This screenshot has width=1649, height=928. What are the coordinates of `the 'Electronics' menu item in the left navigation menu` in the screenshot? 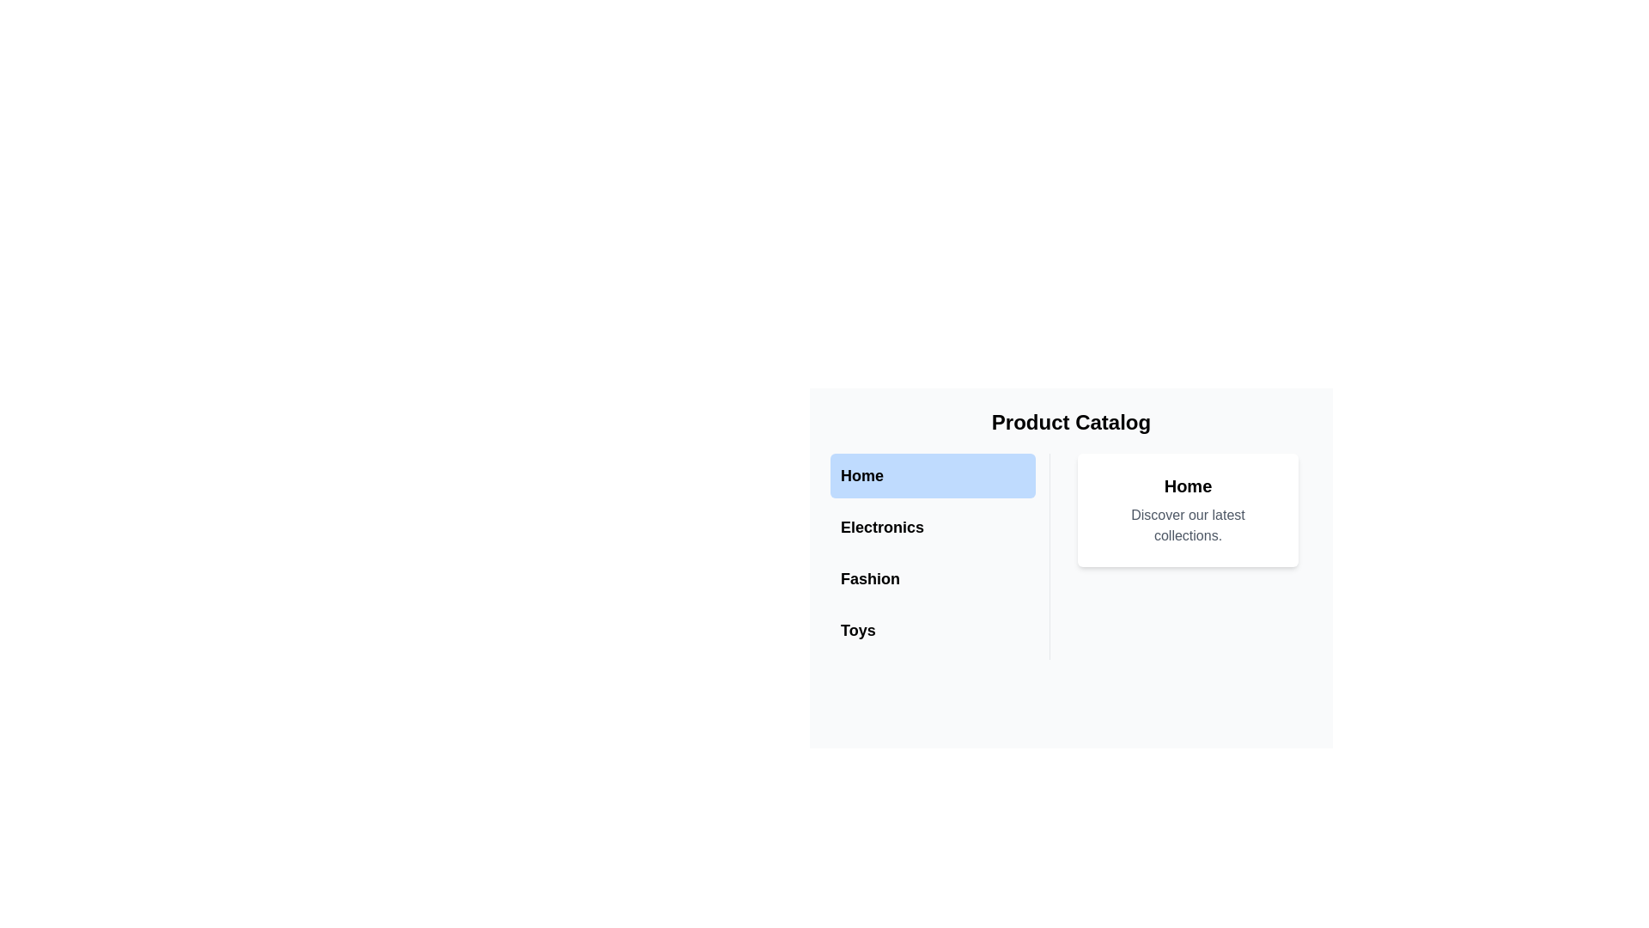 It's located at (932, 526).